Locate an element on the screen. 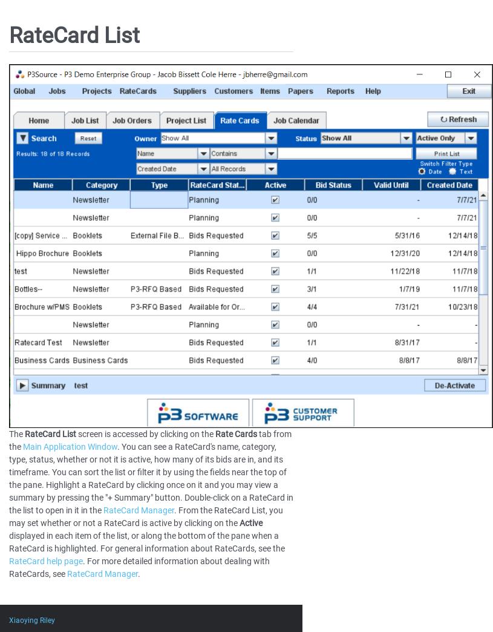 This screenshot has height=632, width=493. 'screen is accessed by clicking on the' is located at coordinates (145, 432).